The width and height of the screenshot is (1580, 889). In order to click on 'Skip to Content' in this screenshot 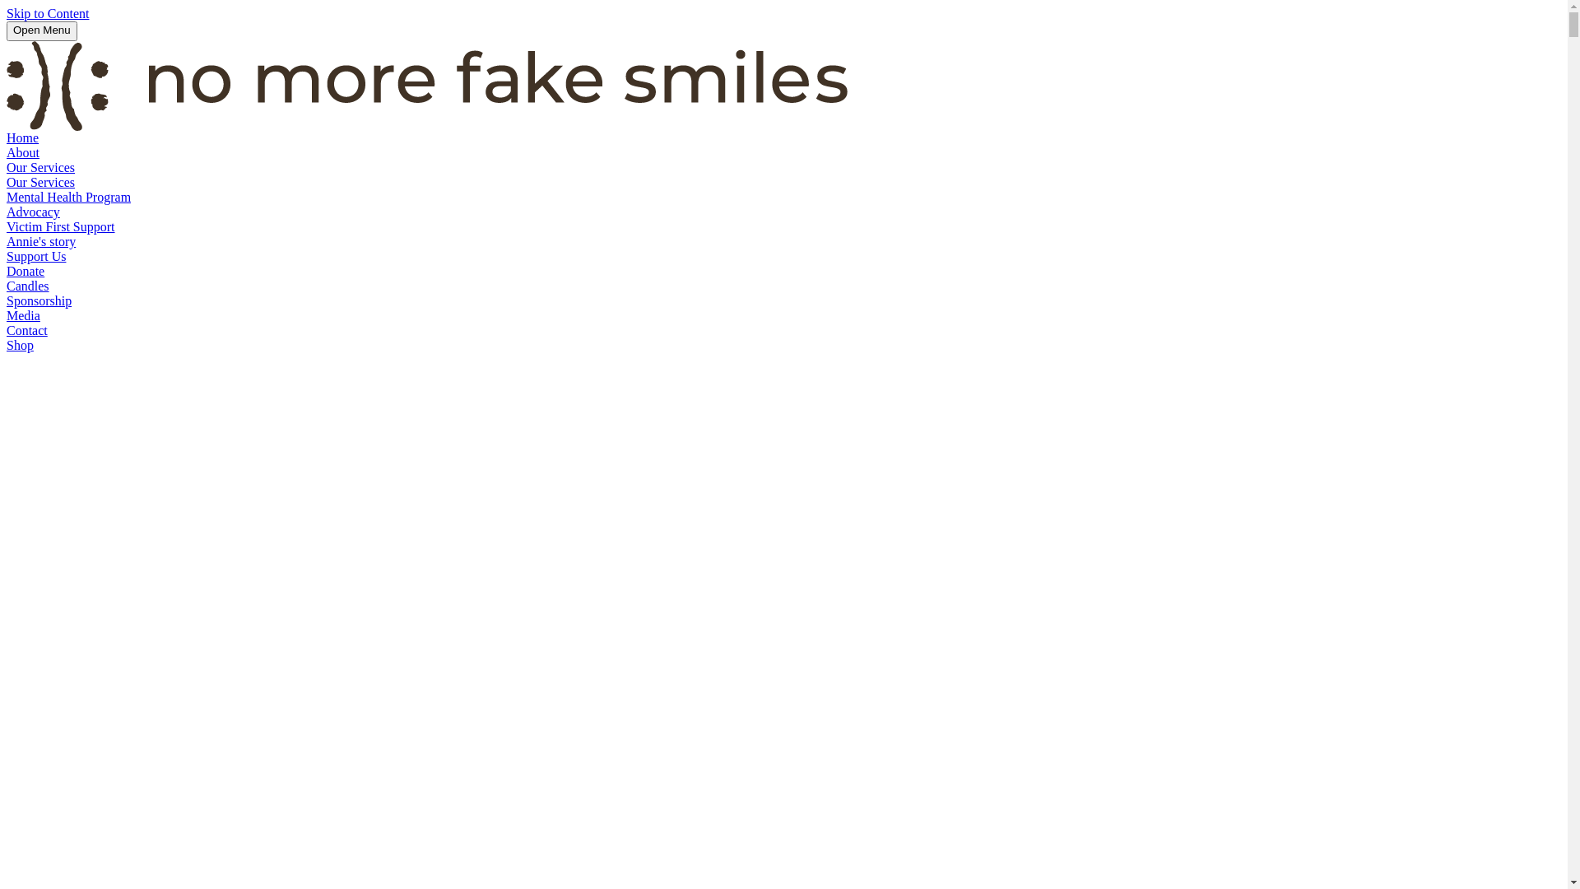, I will do `click(47, 13)`.